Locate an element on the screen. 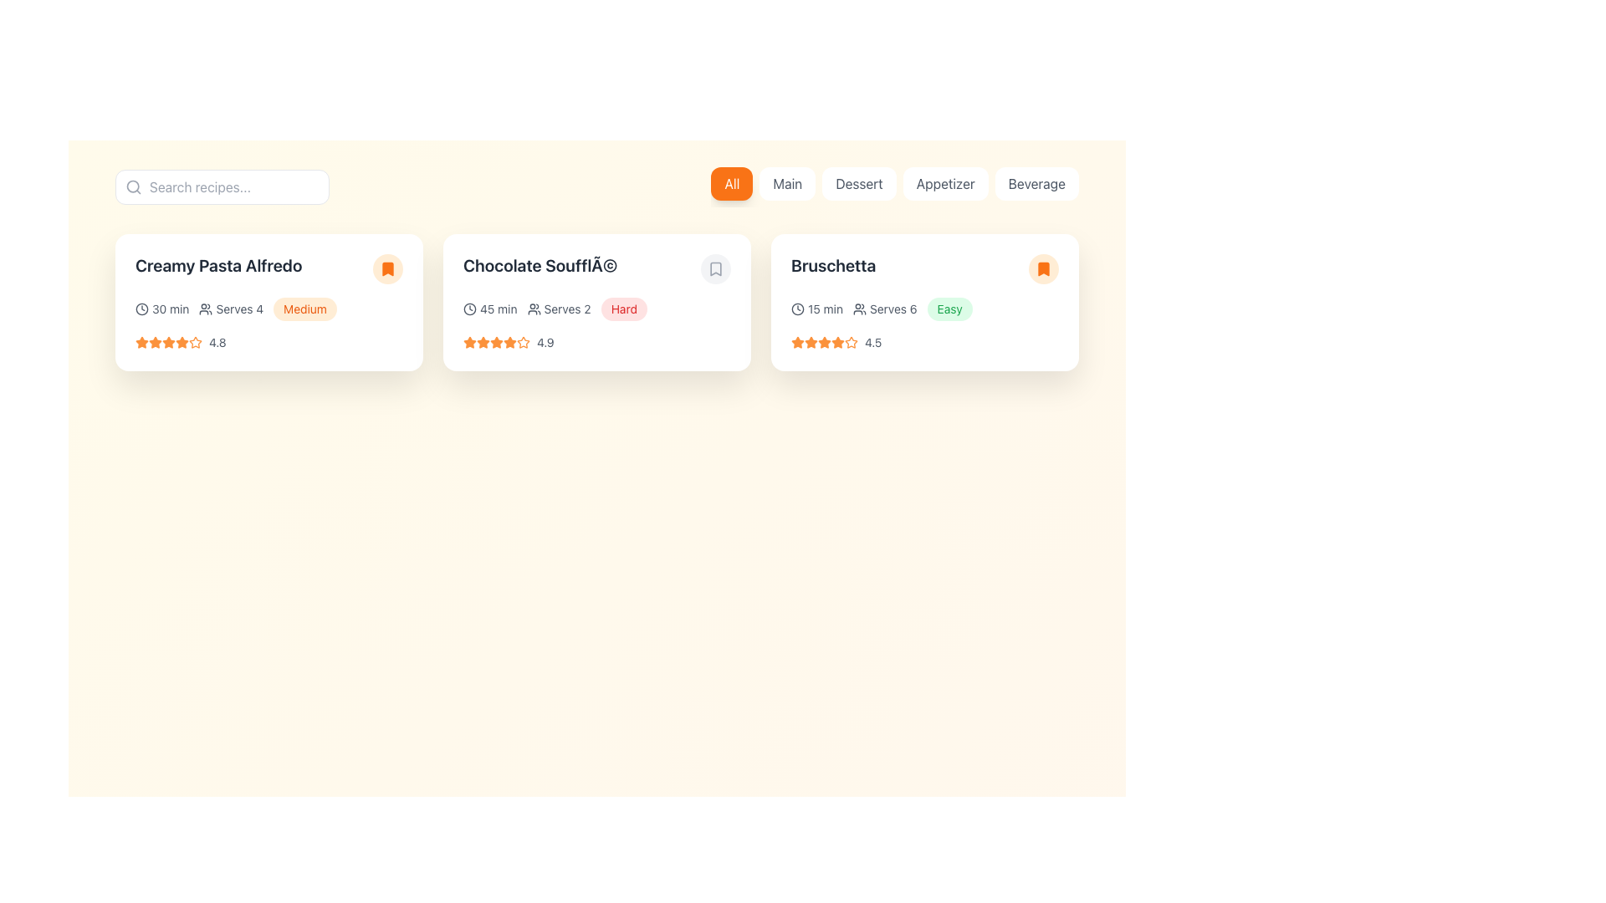 The width and height of the screenshot is (1606, 903). the fifth star icon in orange color located under the rating score of 'Creamy Pasta Alfredo' for interaction is located at coordinates (182, 341).